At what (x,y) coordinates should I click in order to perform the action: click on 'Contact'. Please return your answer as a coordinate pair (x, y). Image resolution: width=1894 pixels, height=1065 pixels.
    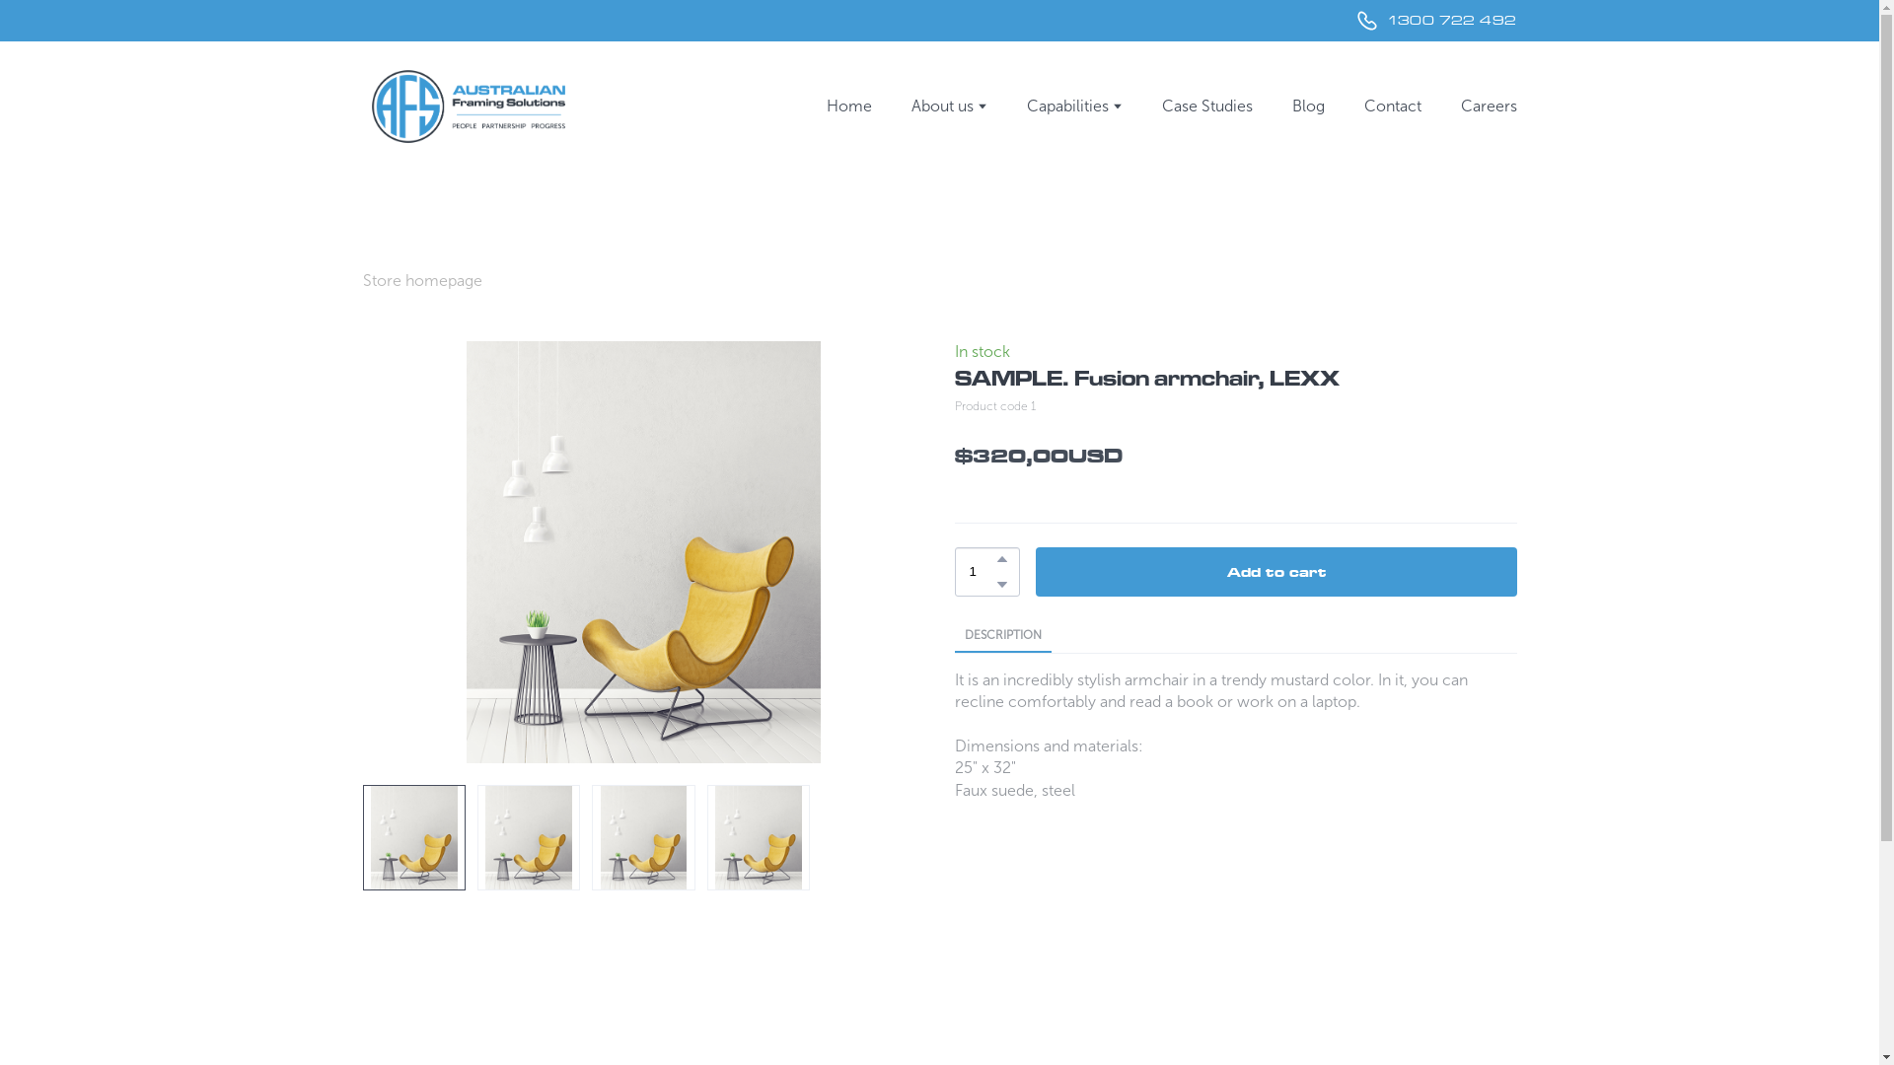
    Looking at the image, I should click on (1391, 106).